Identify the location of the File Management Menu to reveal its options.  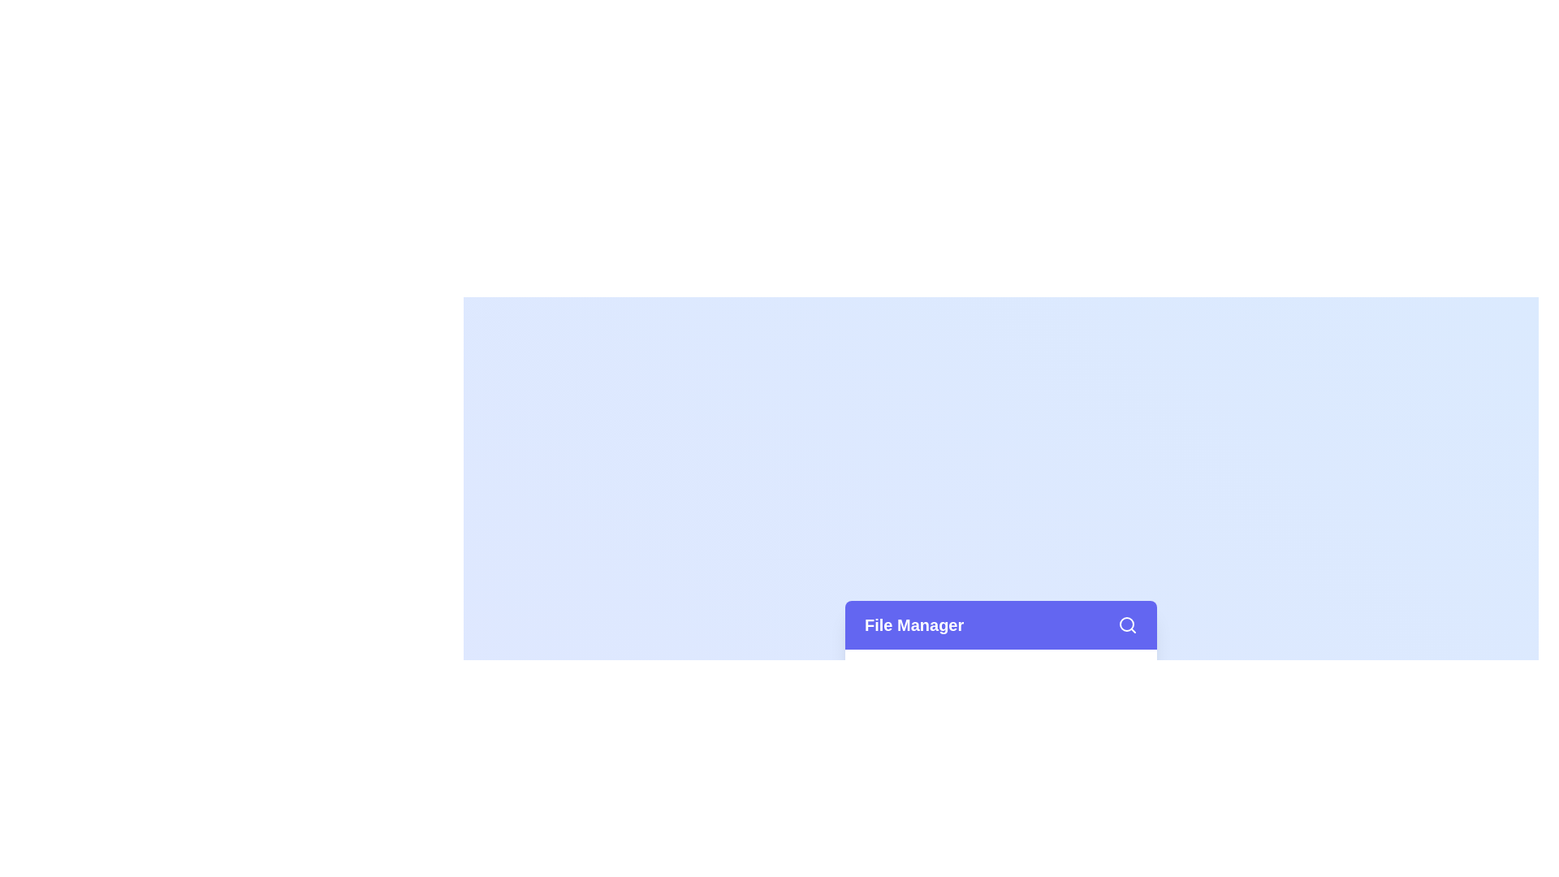
(1000, 624).